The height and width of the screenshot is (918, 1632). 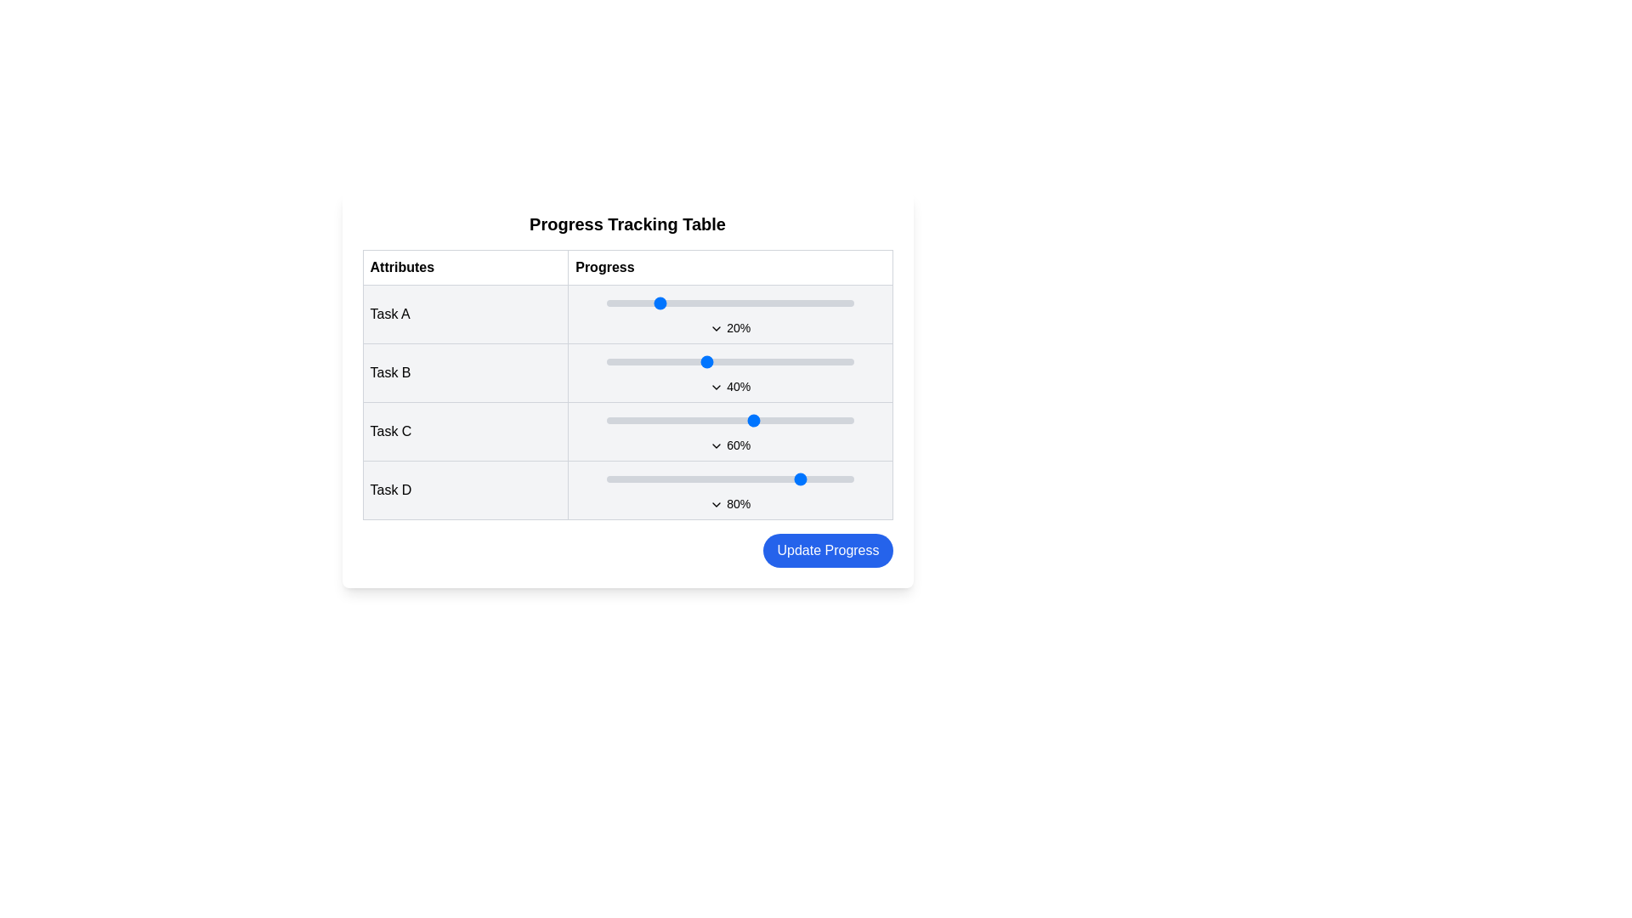 What do you see at coordinates (791, 420) in the screenshot?
I see `the progress level` at bounding box center [791, 420].